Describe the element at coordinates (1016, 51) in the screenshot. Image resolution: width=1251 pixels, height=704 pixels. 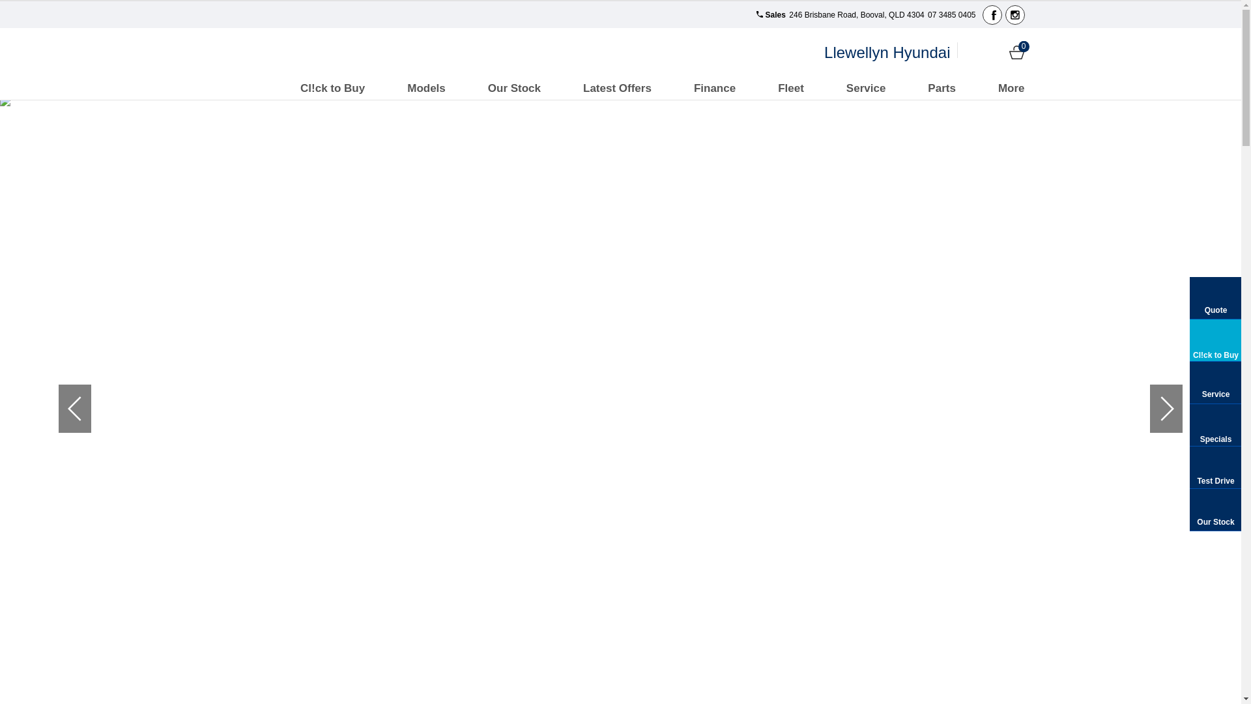
I see `'Cart` at that location.